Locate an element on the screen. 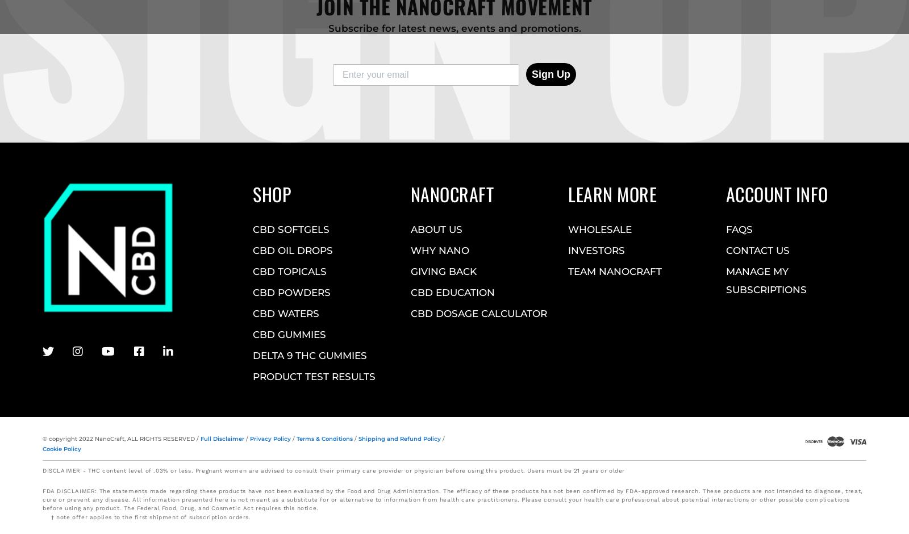 Image resolution: width=909 pixels, height=534 pixels. '© copyright 2022 NanoCraft, ALL RIGHTS RESERVED  /' is located at coordinates (121, 438).